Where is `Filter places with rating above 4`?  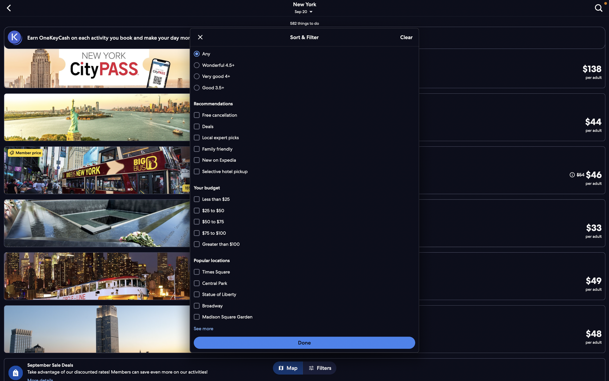
Filter places with rating above 4 is located at coordinates (303, 76).